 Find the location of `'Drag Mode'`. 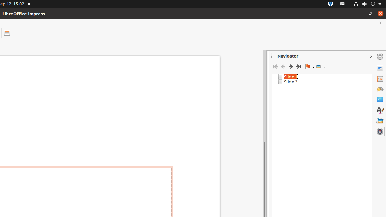

'Drag Mode' is located at coordinates (309, 67).